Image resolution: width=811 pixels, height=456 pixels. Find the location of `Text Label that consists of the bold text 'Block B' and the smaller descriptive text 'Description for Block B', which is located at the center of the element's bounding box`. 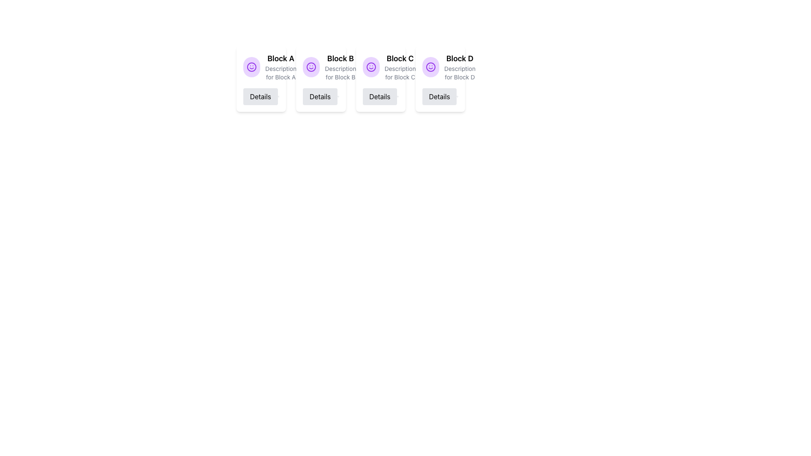

Text Label that consists of the bold text 'Block B' and the smaller descriptive text 'Description for Block B', which is located at the center of the element's bounding box is located at coordinates (340, 66).